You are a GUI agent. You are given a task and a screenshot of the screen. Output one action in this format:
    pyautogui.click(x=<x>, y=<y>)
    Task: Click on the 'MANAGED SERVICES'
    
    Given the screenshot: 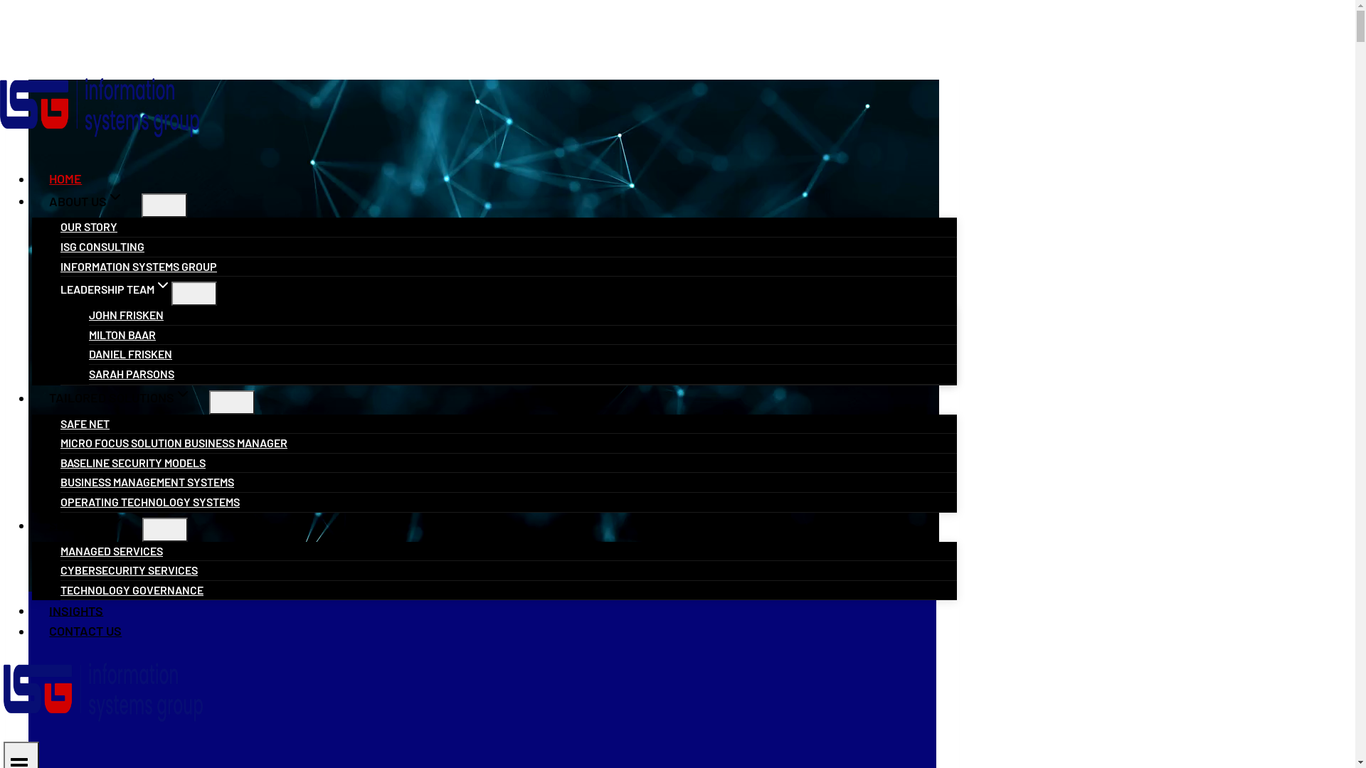 What is the action you would take?
    pyautogui.click(x=111, y=550)
    